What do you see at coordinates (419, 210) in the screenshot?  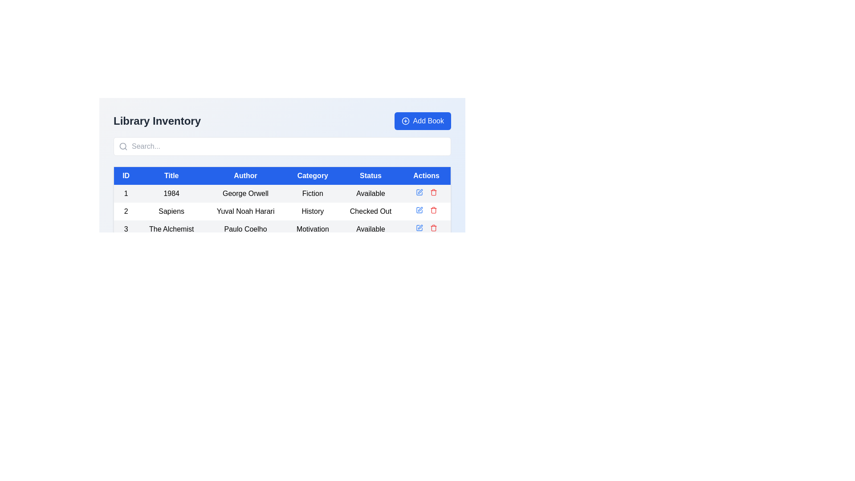 I see `the icon in the 'Actions' column associated with the second row of the table, which represents an action related to editing or interacting with the row data` at bounding box center [419, 210].